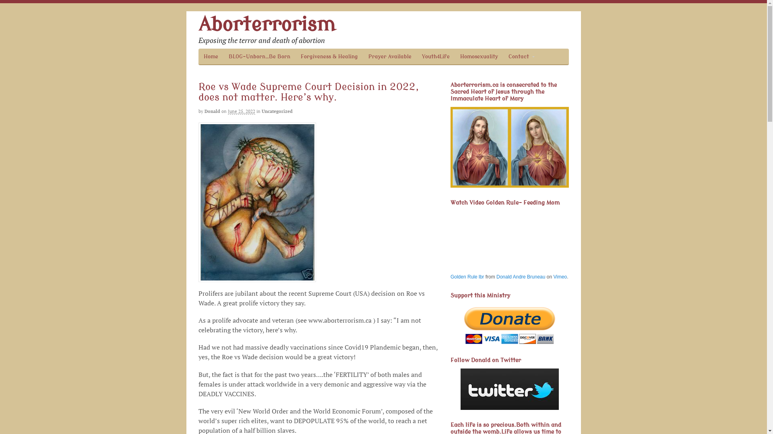 This screenshot has width=773, height=434. Describe the element at coordinates (509, 389) in the screenshot. I see `'Follow Donald on Twitter'` at that location.